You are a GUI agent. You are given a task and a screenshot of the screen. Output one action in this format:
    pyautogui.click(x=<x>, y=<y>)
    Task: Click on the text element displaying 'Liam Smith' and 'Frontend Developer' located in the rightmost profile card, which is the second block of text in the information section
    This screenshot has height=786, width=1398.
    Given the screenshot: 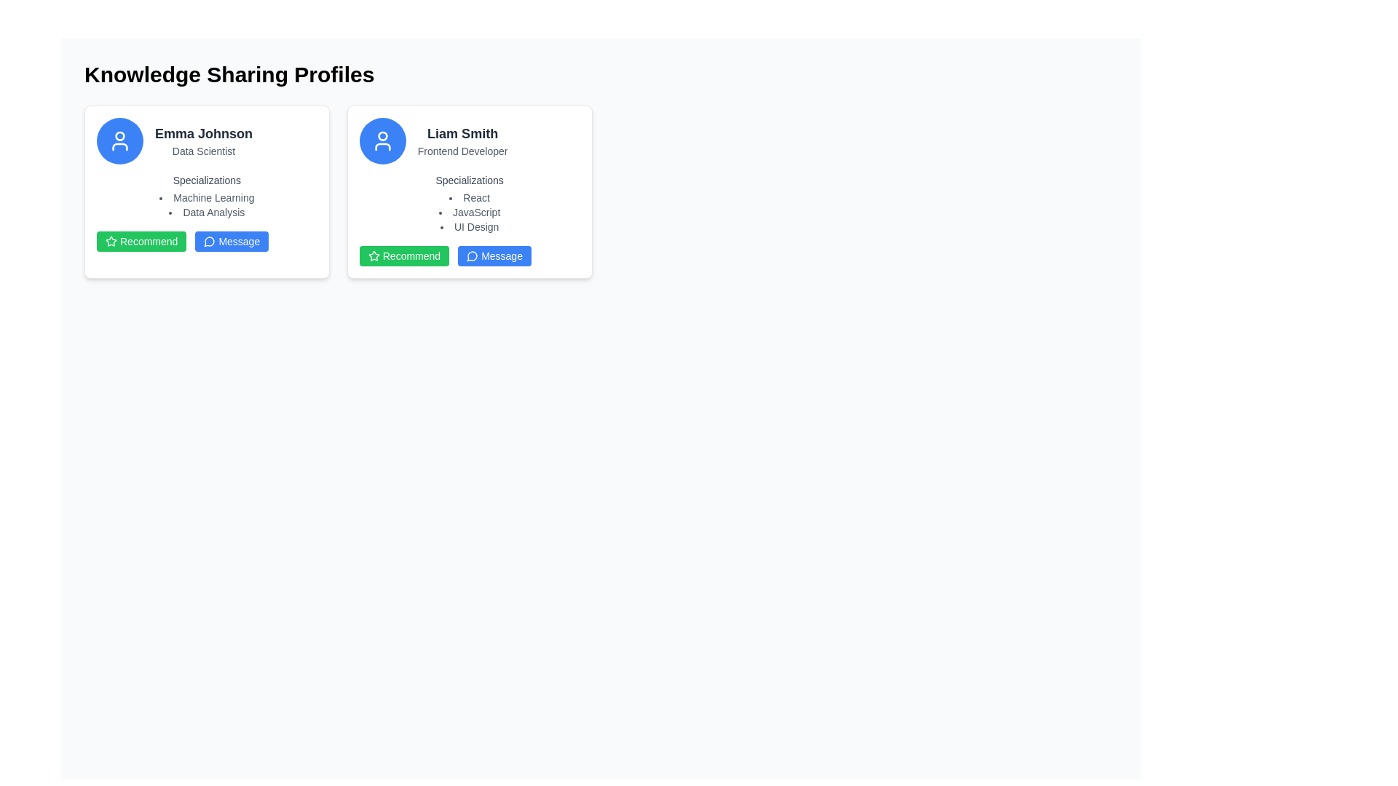 What is the action you would take?
    pyautogui.click(x=462, y=140)
    